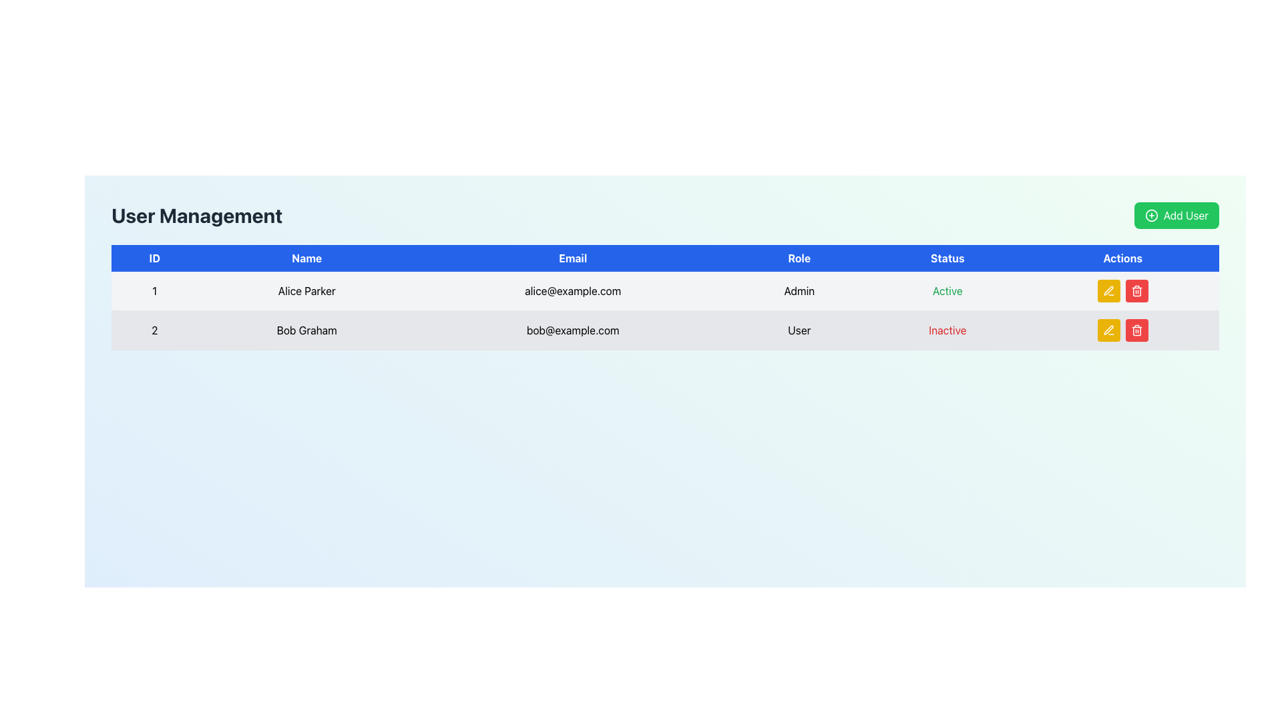 This screenshot has width=1282, height=721. Describe the element at coordinates (1136, 291) in the screenshot. I see `the trash bin icon in the 'Actions' column for user 'Bob Graham', which is styled as a rounded rectangle outline` at that location.